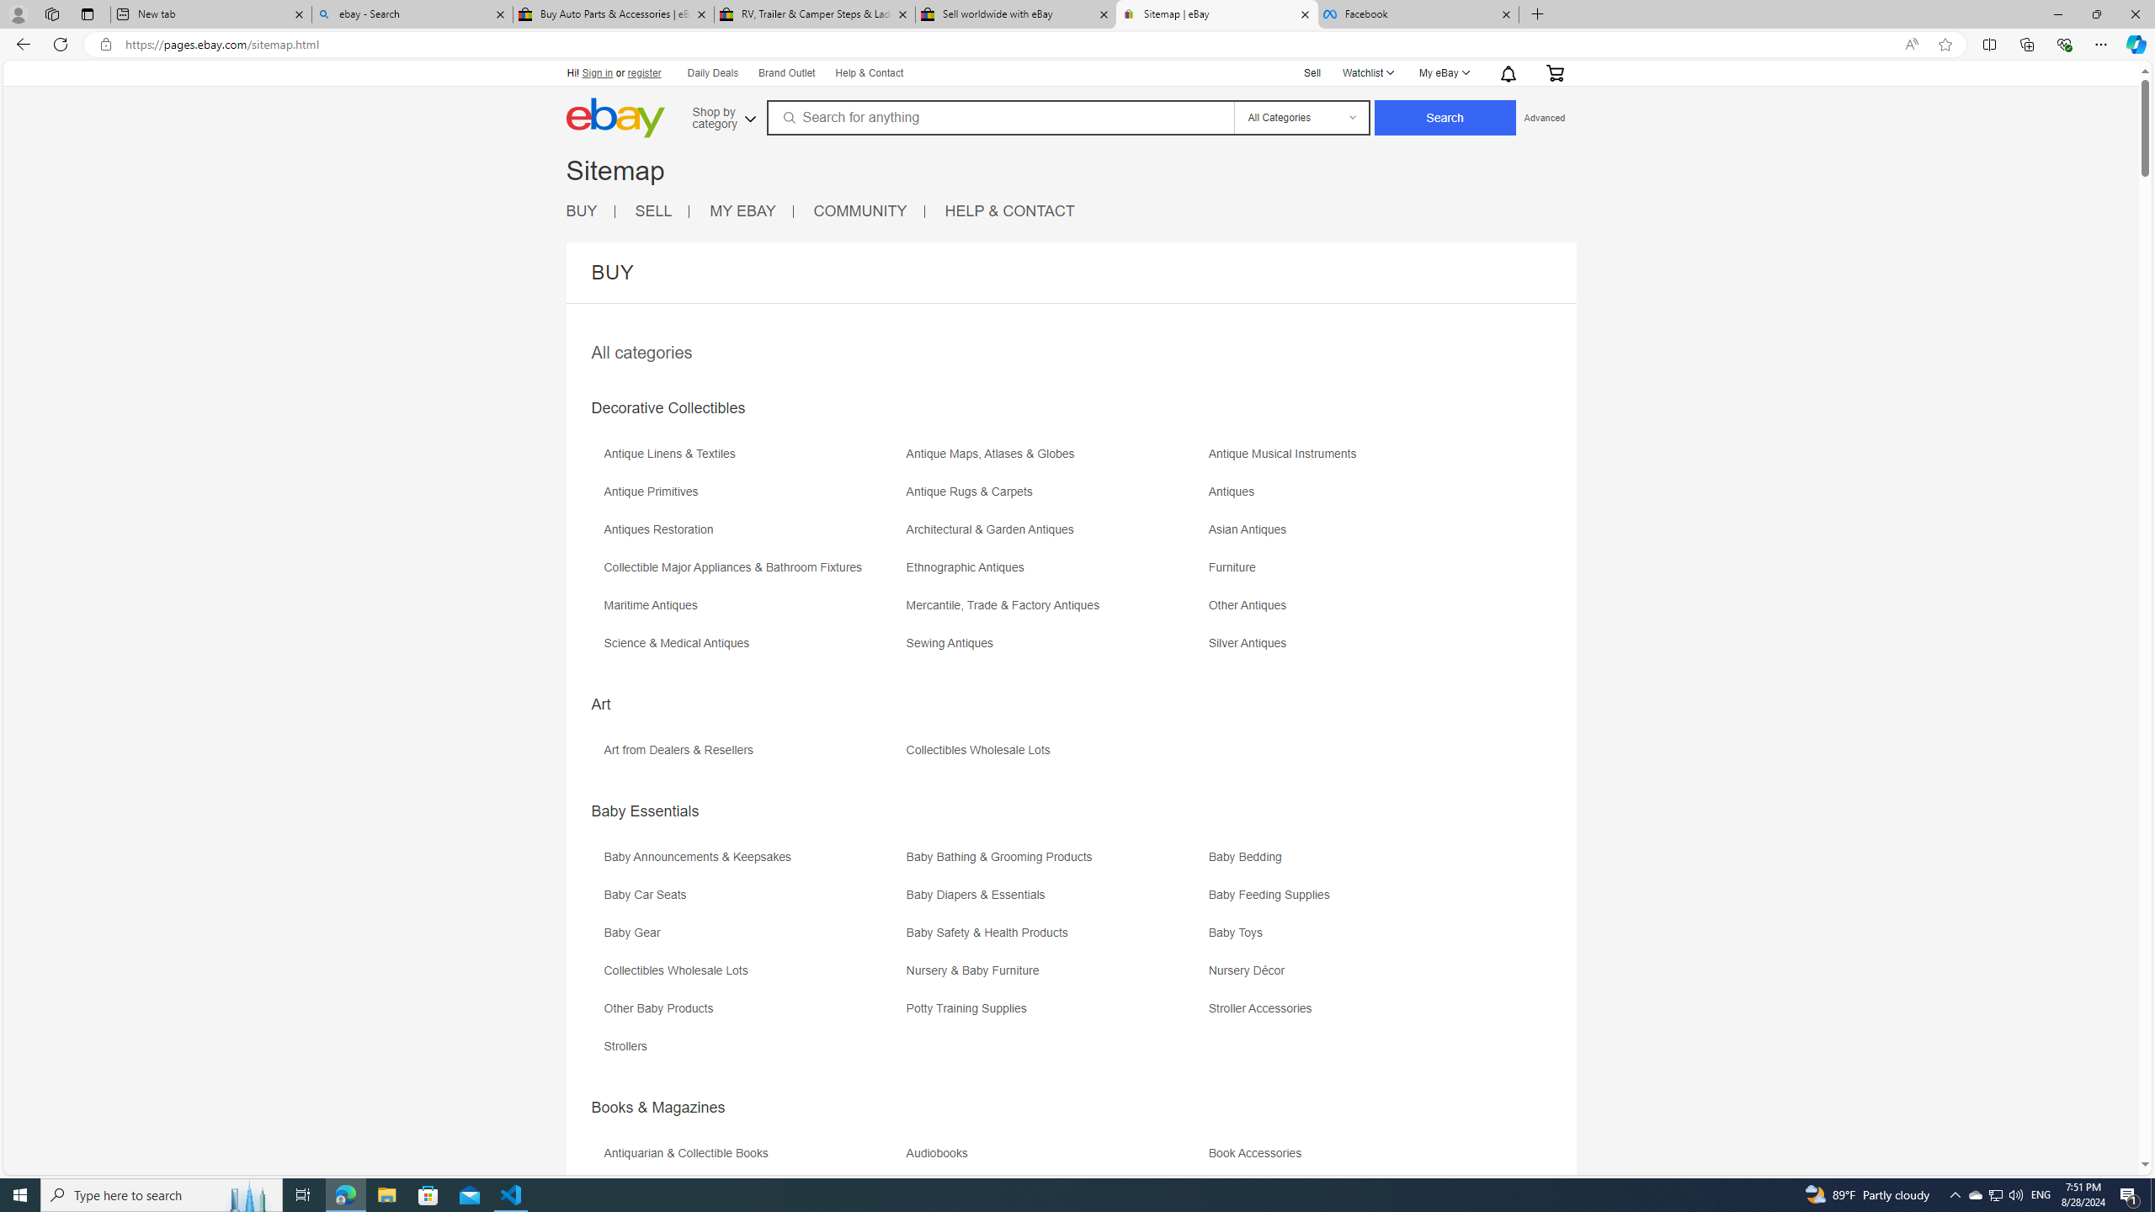 The image size is (2155, 1212). Describe the element at coordinates (645, 810) in the screenshot. I see `'Baby Essentials'` at that location.